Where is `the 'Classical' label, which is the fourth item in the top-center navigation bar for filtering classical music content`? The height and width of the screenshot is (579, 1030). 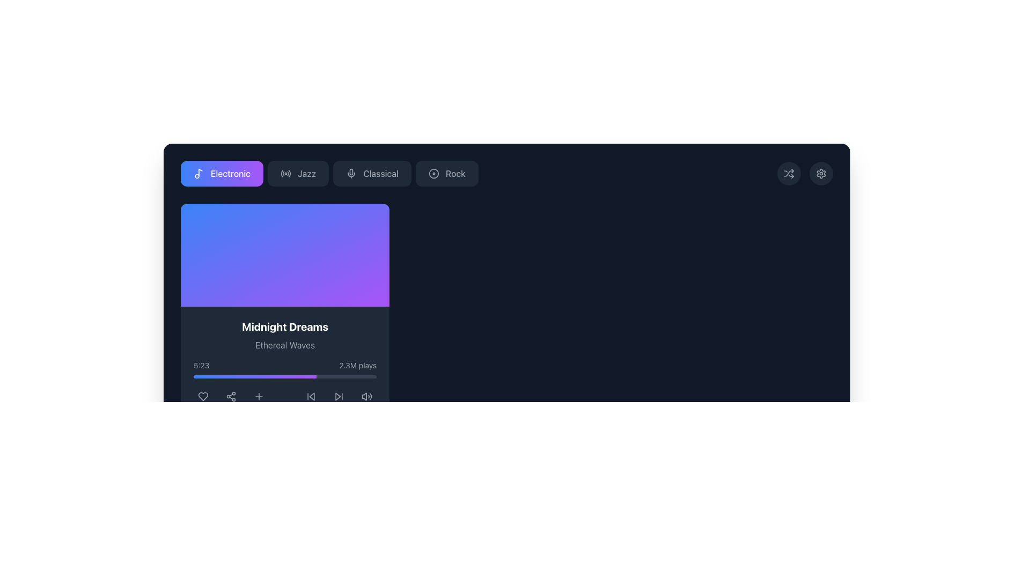
the 'Classical' label, which is the fourth item in the top-center navigation bar for filtering classical music content is located at coordinates (381, 173).